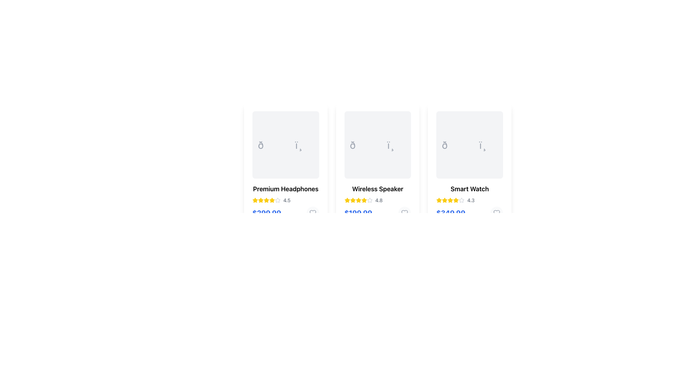 The width and height of the screenshot is (675, 379). I want to click on the visual representation of the bright yellow star icon, which is the fifth star in the rating sequence for the 'Wireless Speaker' product, so click(364, 200).